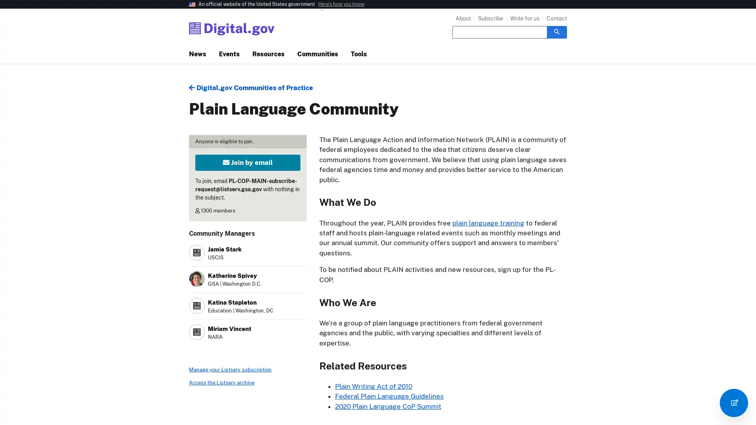 The image size is (756, 425). Describe the element at coordinates (556, 31) in the screenshot. I see `Search` at that location.